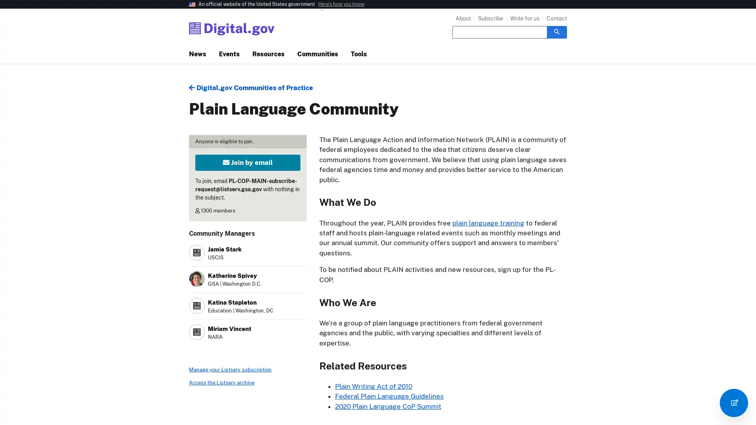 The image size is (756, 425). Describe the element at coordinates (556, 31) in the screenshot. I see `Search` at that location.